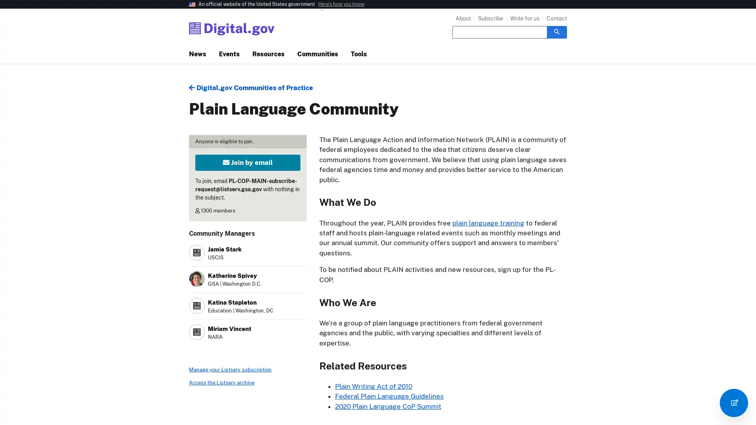 The image size is (756, 425). Describe the element at coordinates (556, 31) in the screenshot. I see `Search` at that location.